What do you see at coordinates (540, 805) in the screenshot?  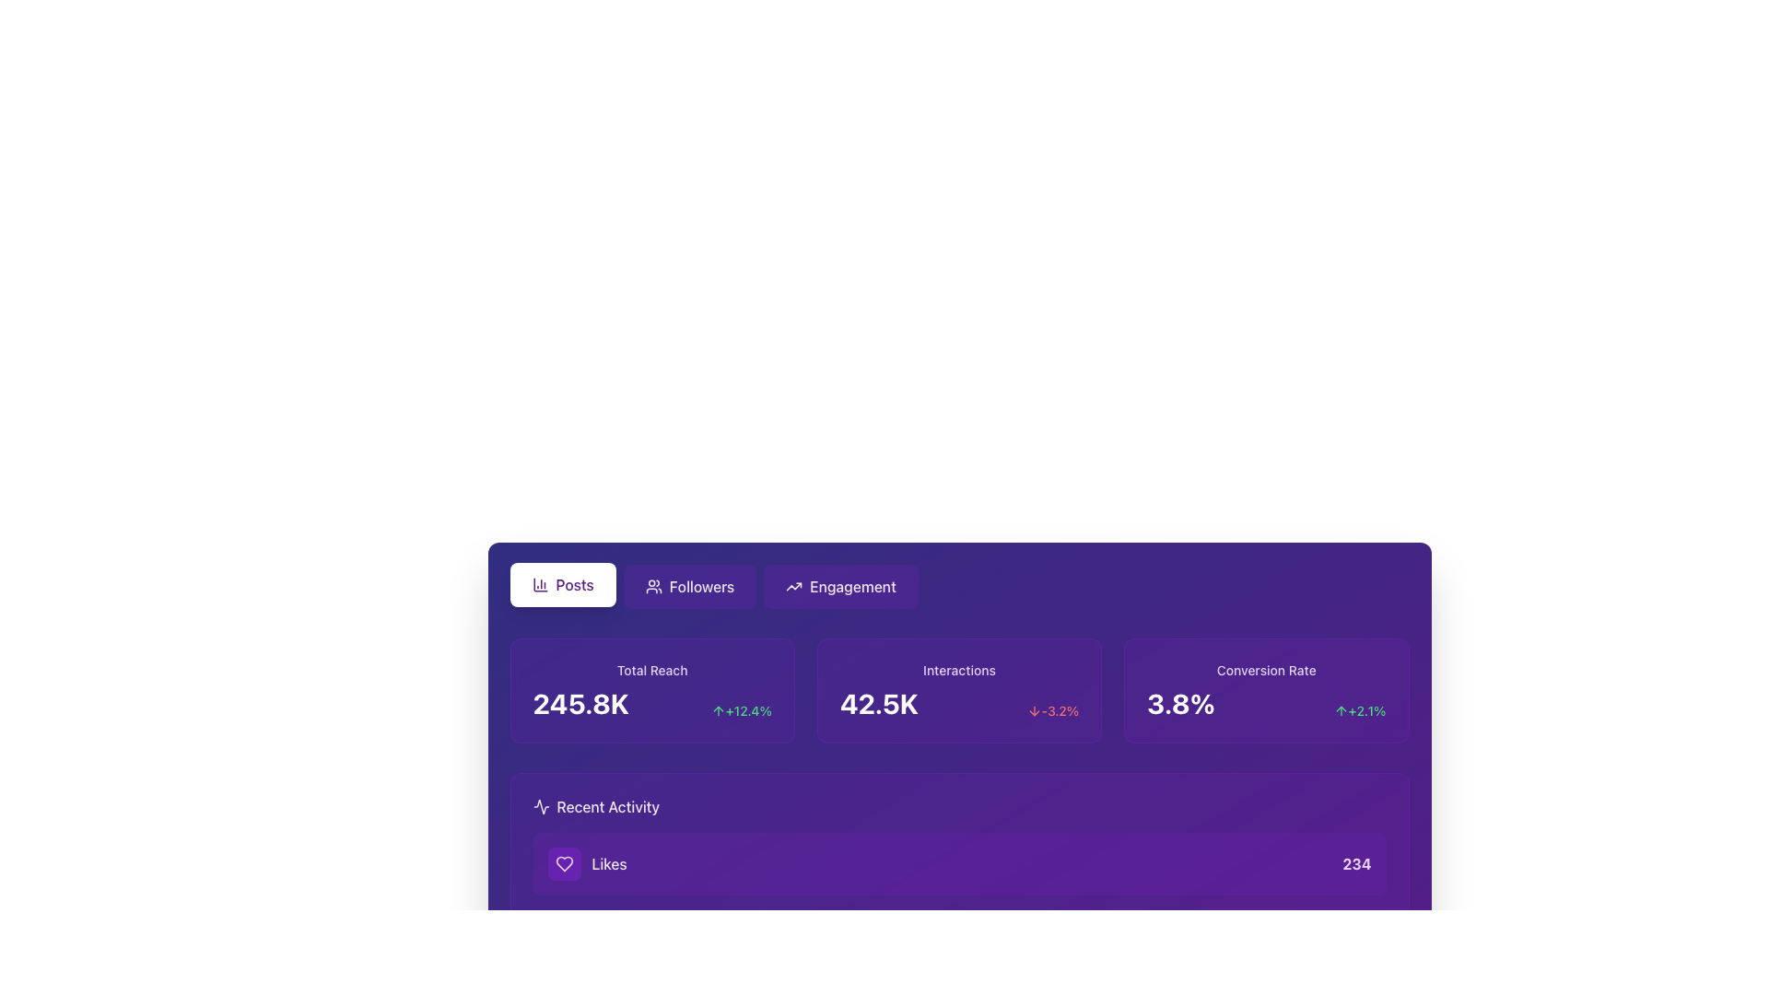 I see `the 'Recent Activity' icon located to the left of the 'Recent Activity' text to engage with the associated content` at bounding box center [540, 805].